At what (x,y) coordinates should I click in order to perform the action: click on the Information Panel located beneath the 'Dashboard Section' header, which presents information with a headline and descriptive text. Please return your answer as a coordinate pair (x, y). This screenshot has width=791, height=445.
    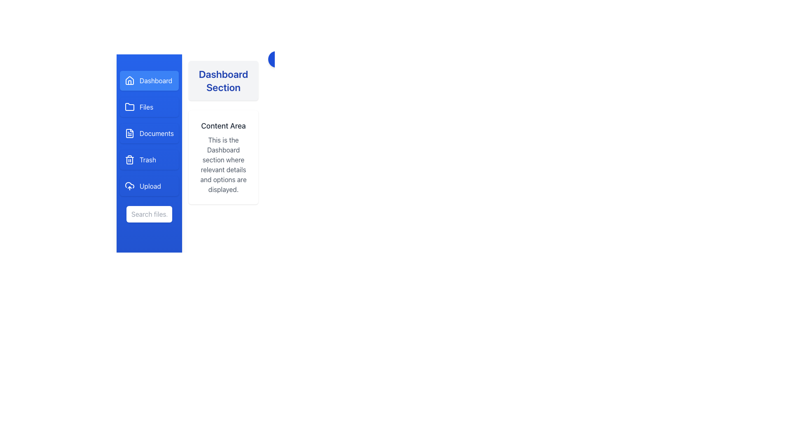
    Looking at the image, I should click on (223, 157).